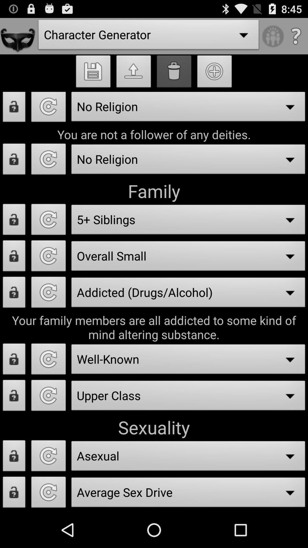 The image size is (308, 548). What do you see at coordinates (14, 360) in the screenshot?
I see `password` at bounding box center [14, 360].